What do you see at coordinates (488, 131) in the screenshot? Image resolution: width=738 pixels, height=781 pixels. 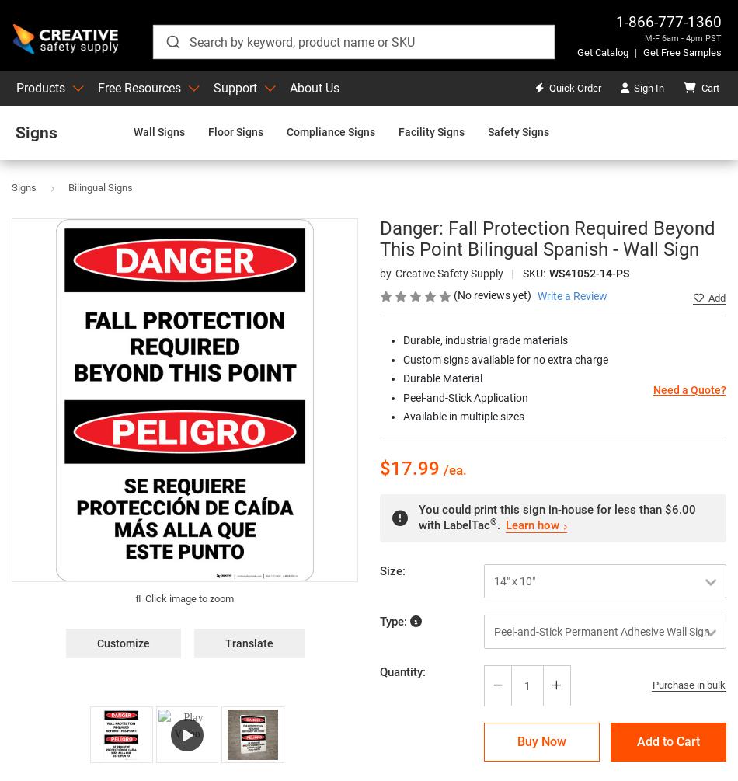 I see `'Safety Signs'` at bounding box center [488, 131].